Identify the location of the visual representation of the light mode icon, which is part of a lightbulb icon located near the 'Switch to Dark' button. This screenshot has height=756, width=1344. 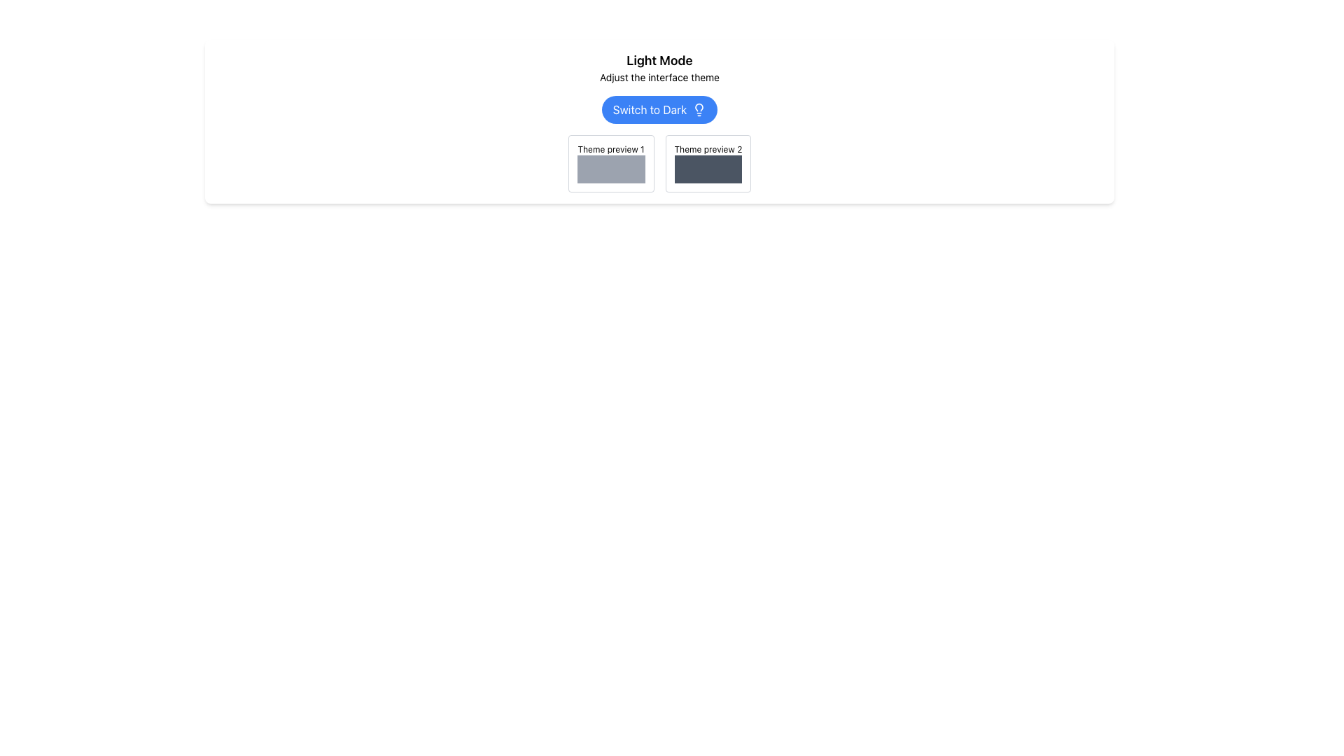
(699, 106).